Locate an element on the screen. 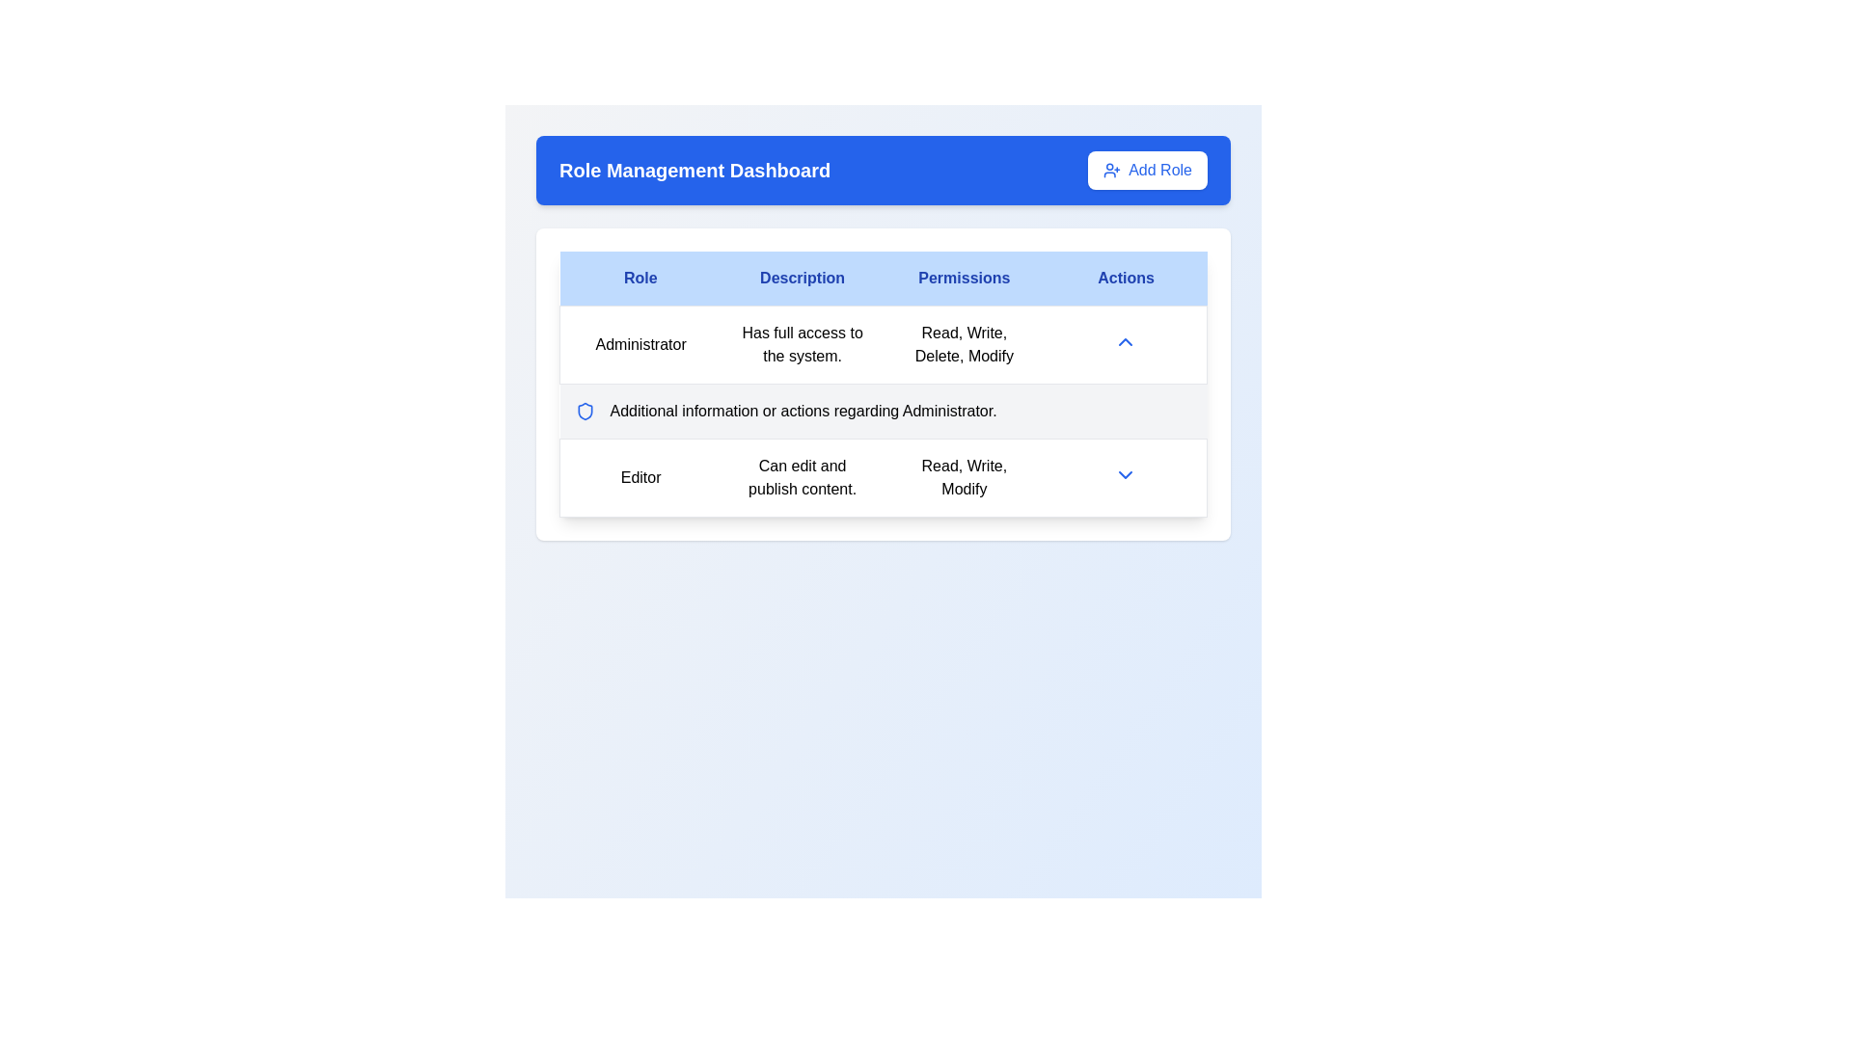 This screenshot has height=1041, width=1852. the descriptive text that contains the text 'Additional information or actions regarding Administrator.', which is centrally positioned below the 'Administrator' label is located at coordinates (803, 411).